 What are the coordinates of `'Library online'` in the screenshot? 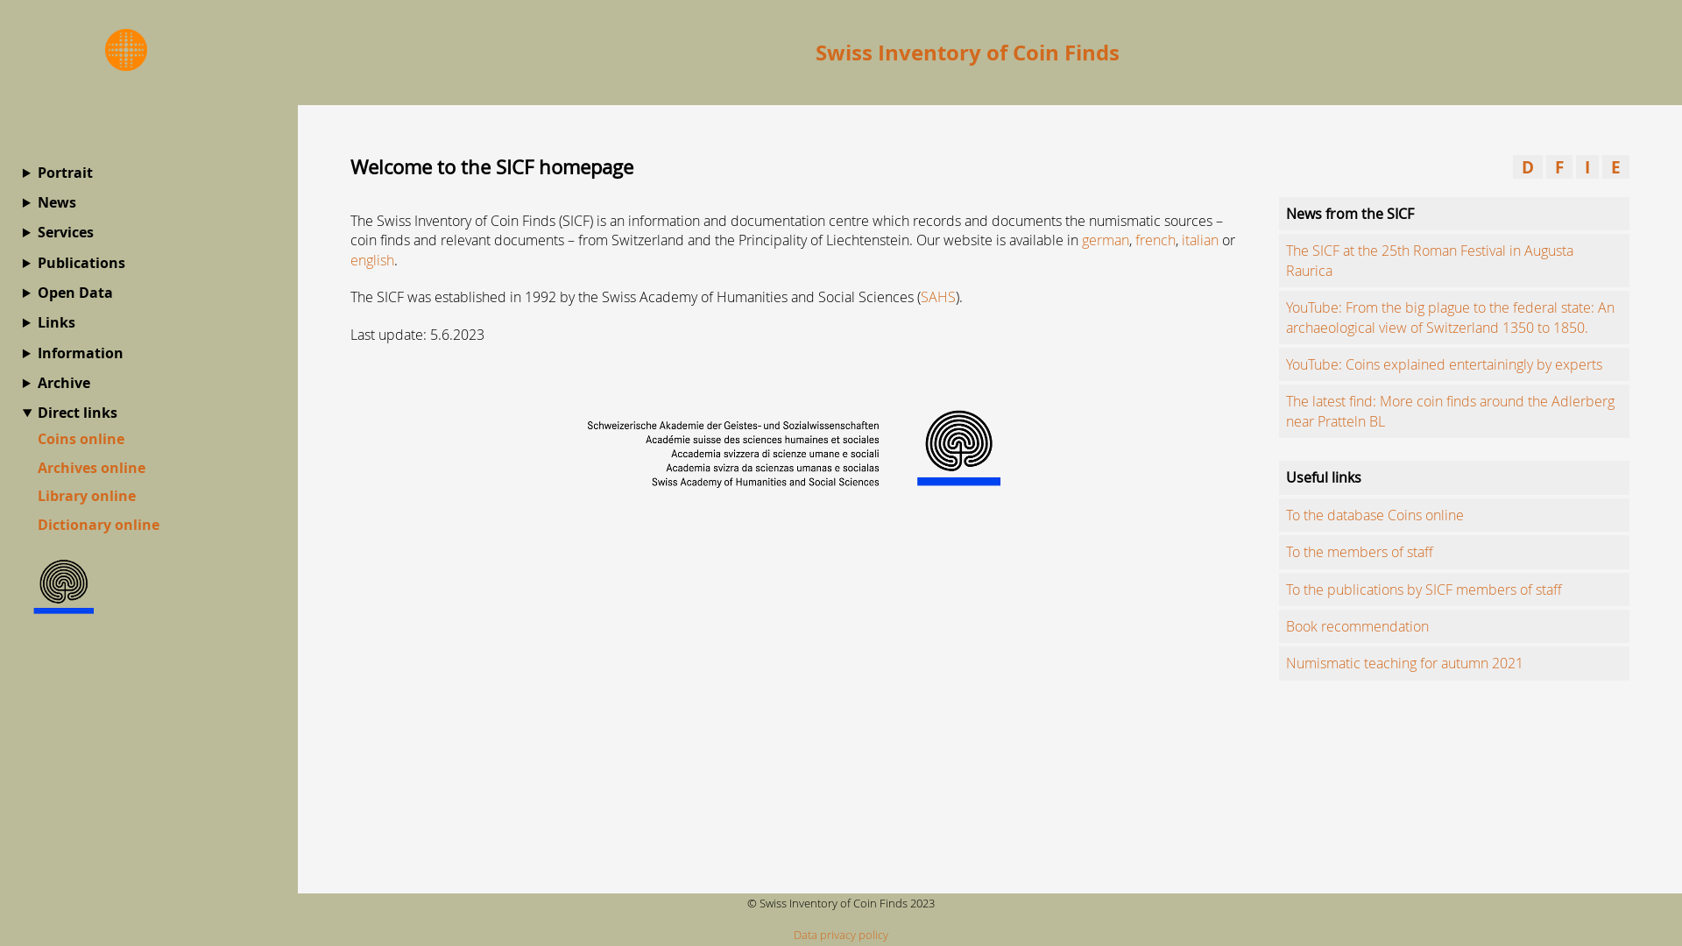 It's located at (86, 496).